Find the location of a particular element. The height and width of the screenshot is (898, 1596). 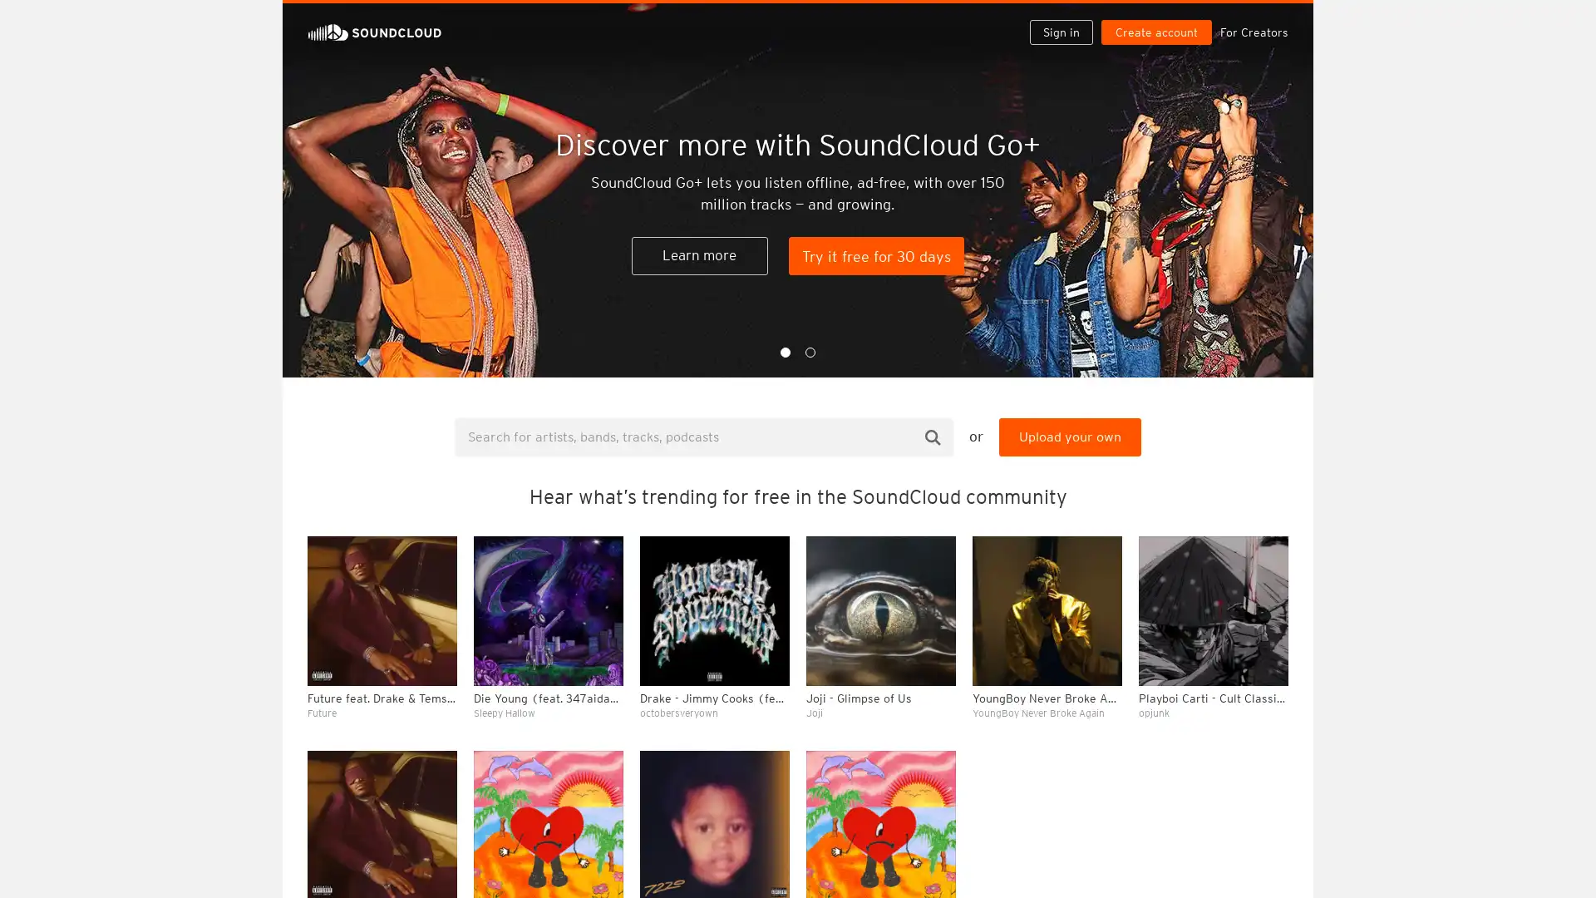

Create a SoundCloud account is located at coordinates (1160, 18).